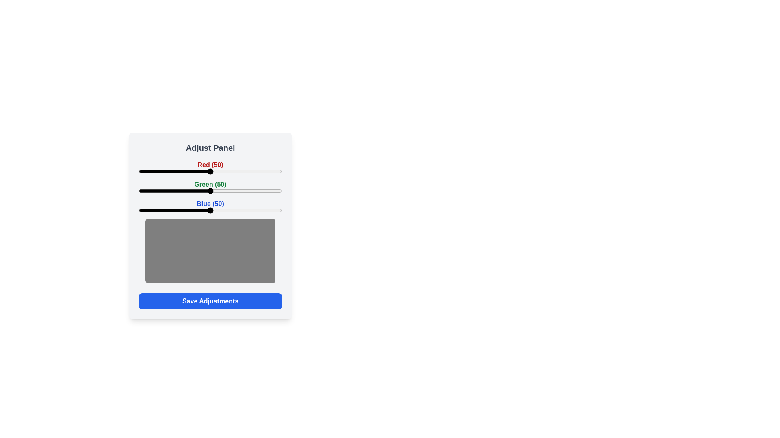 This screenshot has width=780, height=438. Describe the element at coordinates (223, 191) in the screenshot. I see `the green slider to set its value to 59` at that location.